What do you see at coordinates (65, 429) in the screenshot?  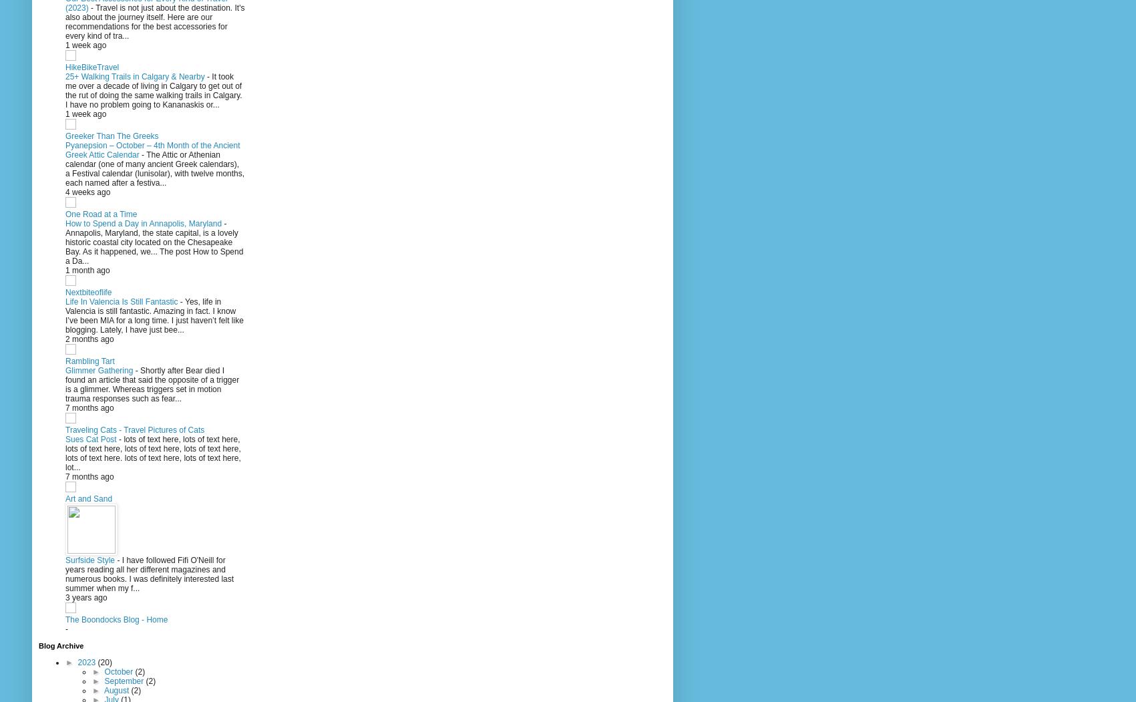 I see `'Traveling Cats - Travel Pictures of Cats'` at bounding box center [65, 429].